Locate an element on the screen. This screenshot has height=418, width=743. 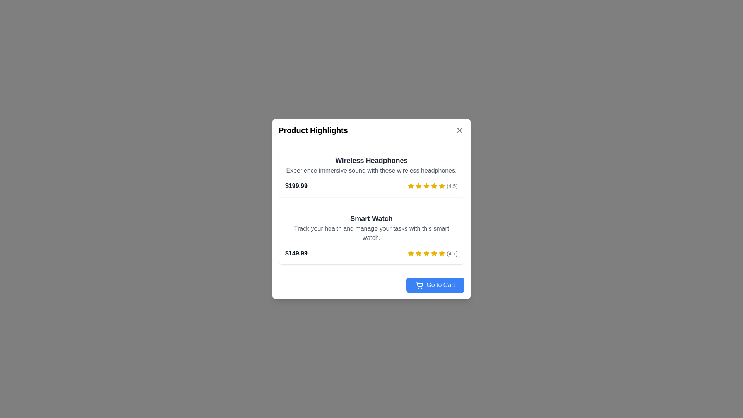
the product title text element located in the 'Product Highlights' dialog box, which identifies the second product in the listing is located at coordinates (371, 218).